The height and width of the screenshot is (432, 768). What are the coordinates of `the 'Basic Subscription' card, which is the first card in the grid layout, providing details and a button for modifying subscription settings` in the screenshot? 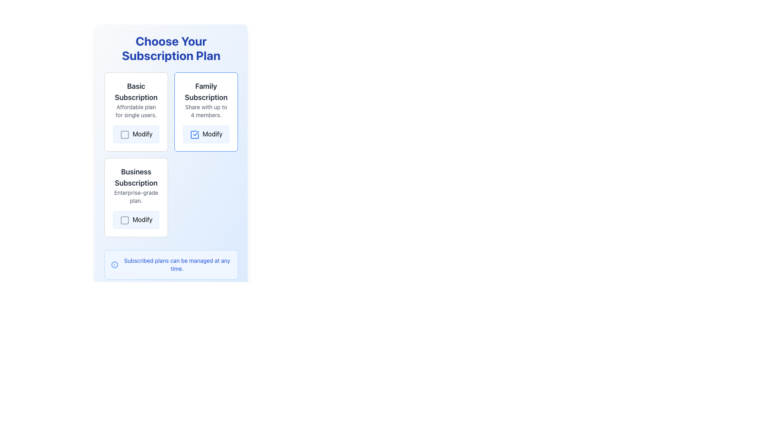 It's located at (136, 112).